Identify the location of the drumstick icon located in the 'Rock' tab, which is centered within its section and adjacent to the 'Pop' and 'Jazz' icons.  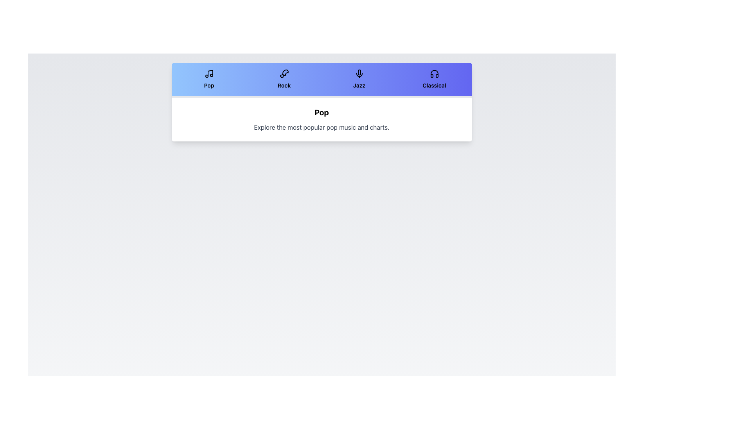
(285, 72).